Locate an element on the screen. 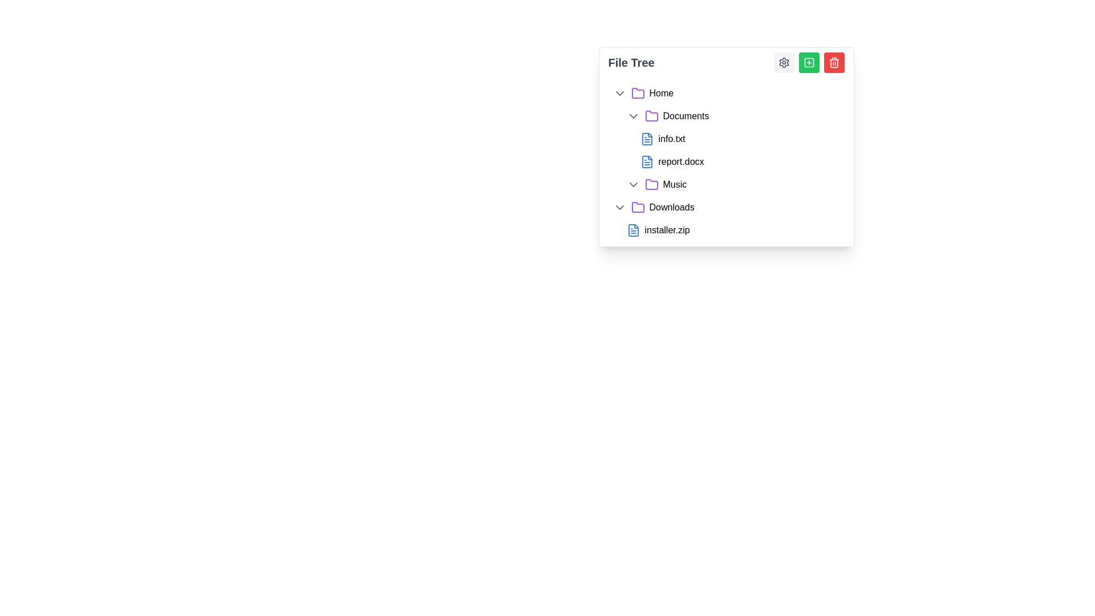 This screenshot has height=616, width=1095. the settings icon button located at the top-right group of controls above the file tree to navigate to options or preferences is located at coordinates (783, 63).